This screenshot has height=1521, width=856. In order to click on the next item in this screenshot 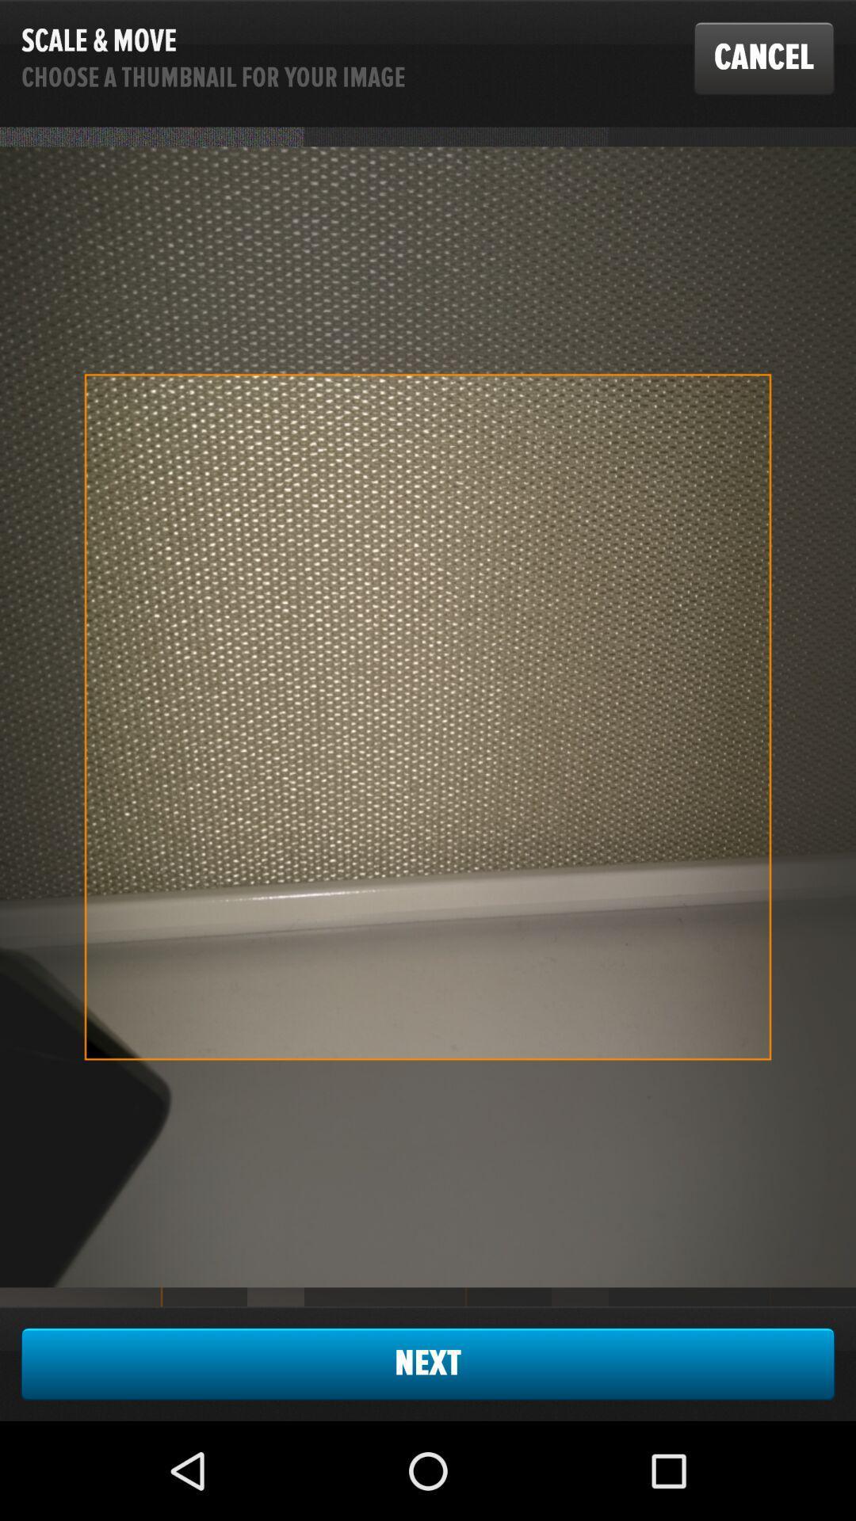, I will do `click(428, 1363)`.